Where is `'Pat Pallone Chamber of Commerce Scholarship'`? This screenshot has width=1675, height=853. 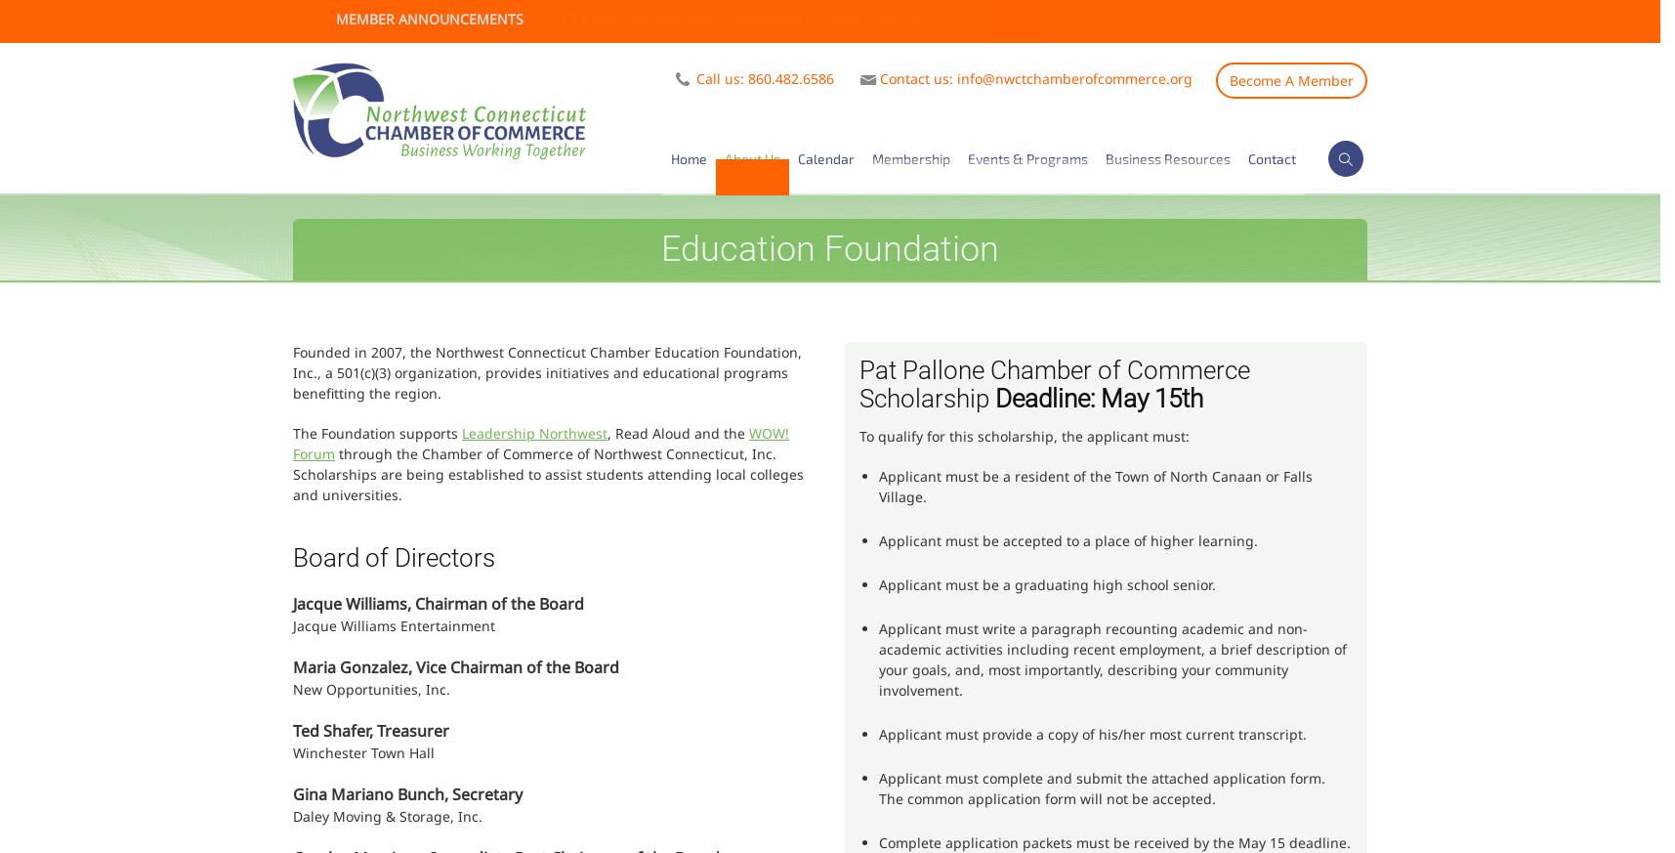
'Pat Pallone Chamber of Commerce Scholarship' is located at coordinates (858, 383).